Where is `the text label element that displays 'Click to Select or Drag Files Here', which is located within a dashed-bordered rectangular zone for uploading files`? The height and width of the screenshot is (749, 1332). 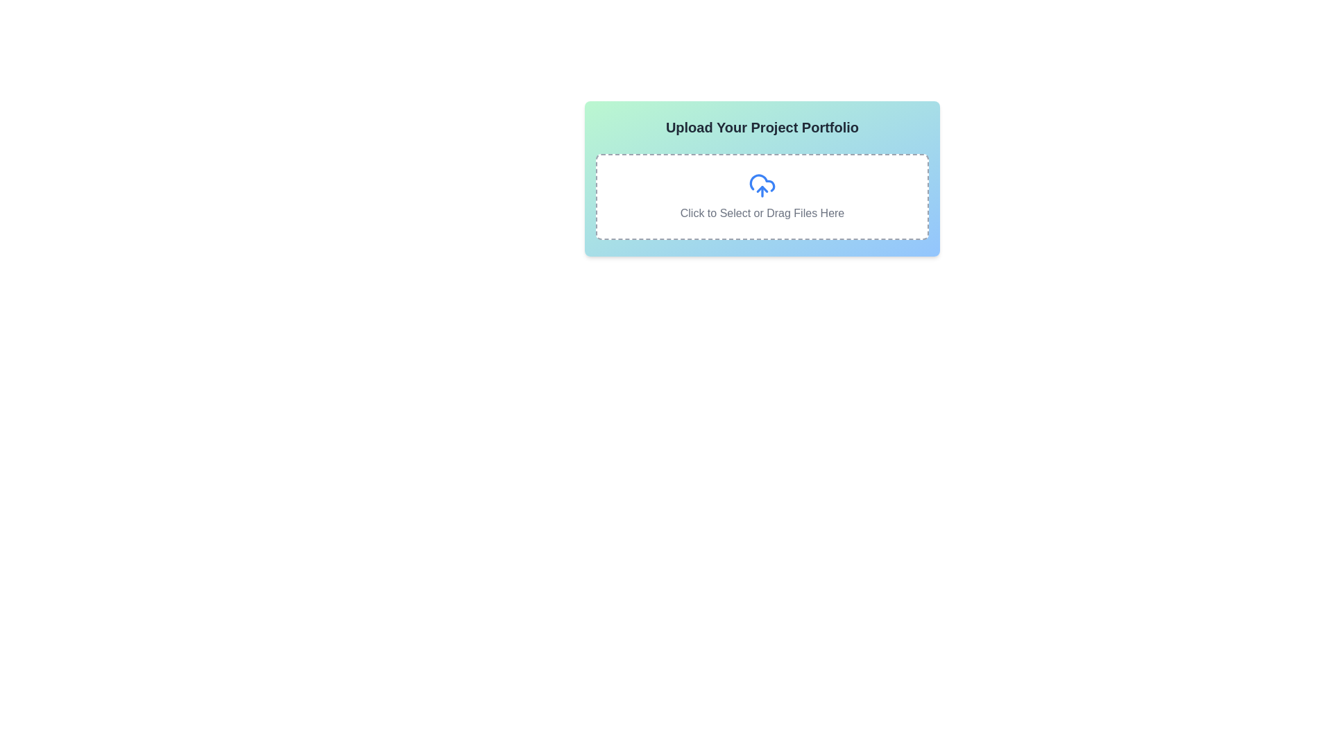
the text label element that displays 'Click to Select or Drag Files Here', which is located within a dashed-bordered rectangular zone for uploading files is located at coordinates (762, 213).